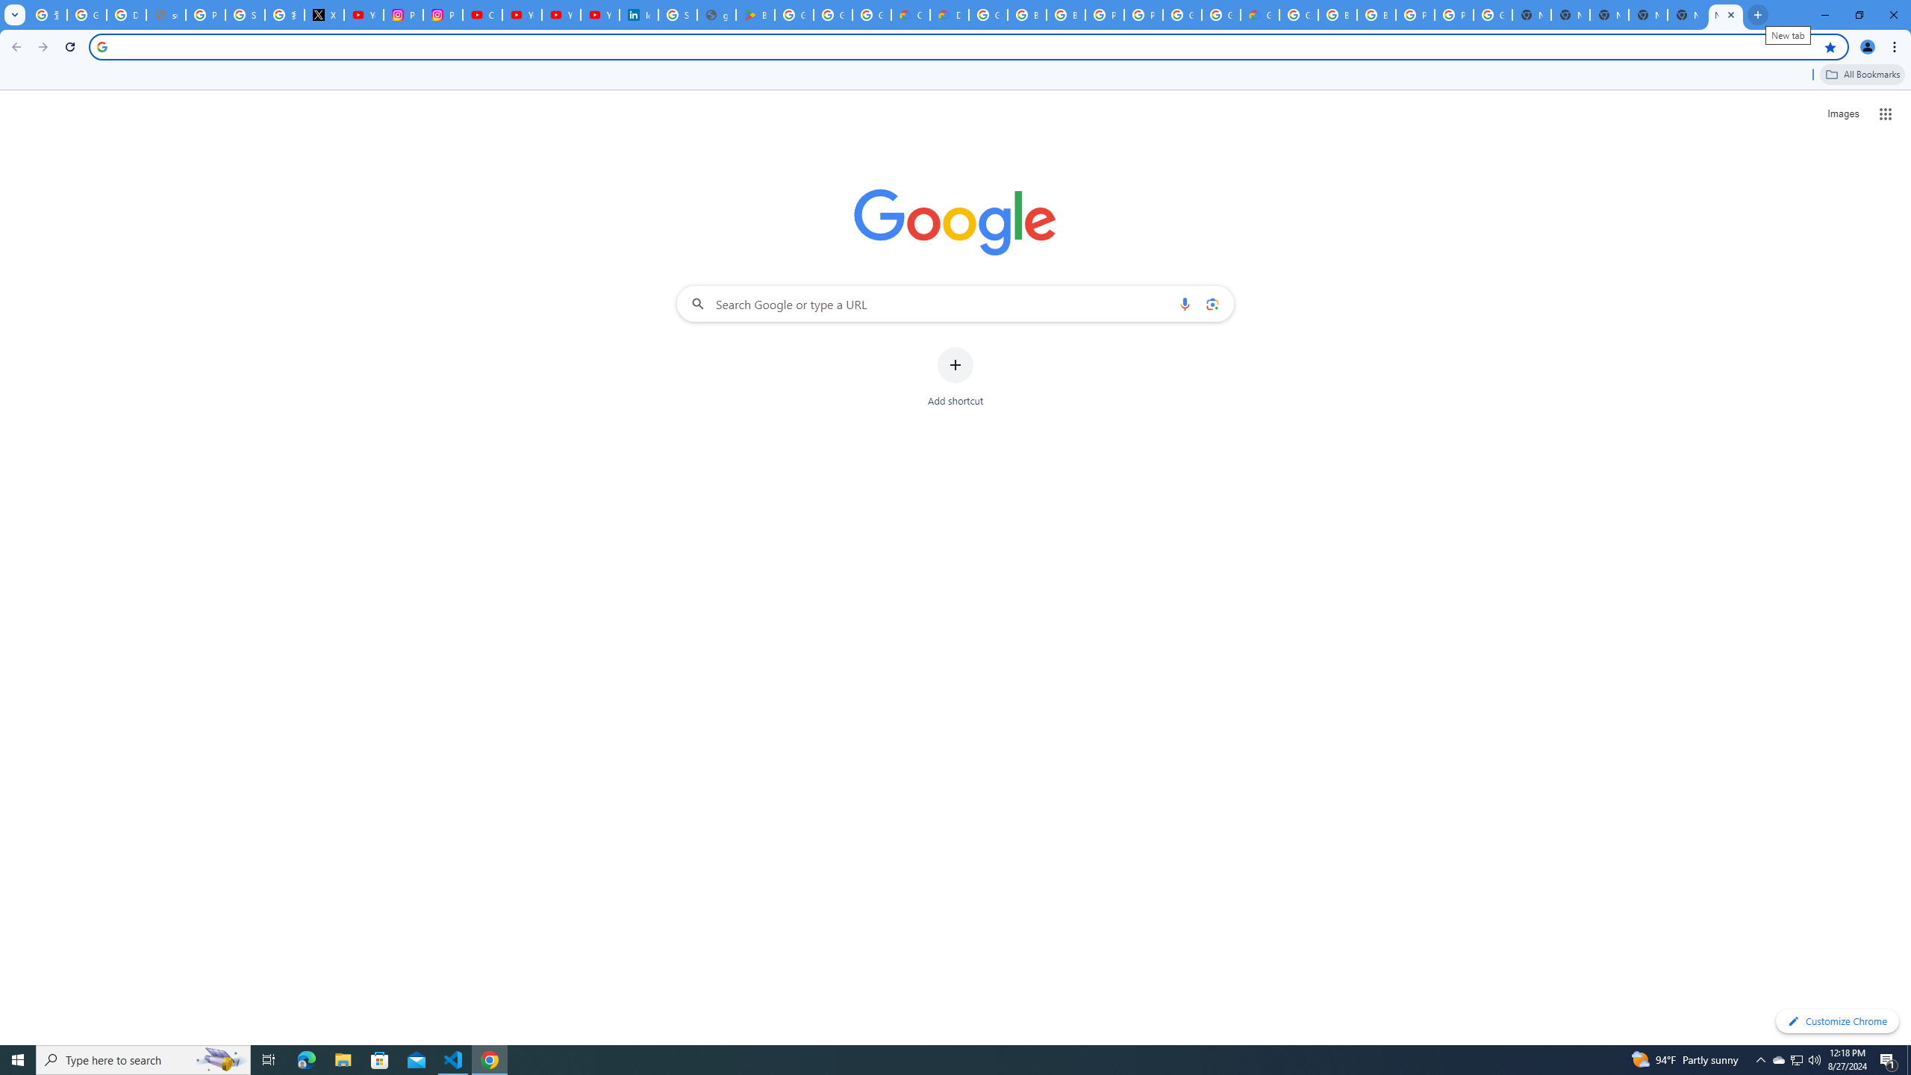 The width and height of the screenshot is (1911, 1075). Describe the element at coordinates (1211, 302) in the screenshot. I see `'Search by image'` at that location.